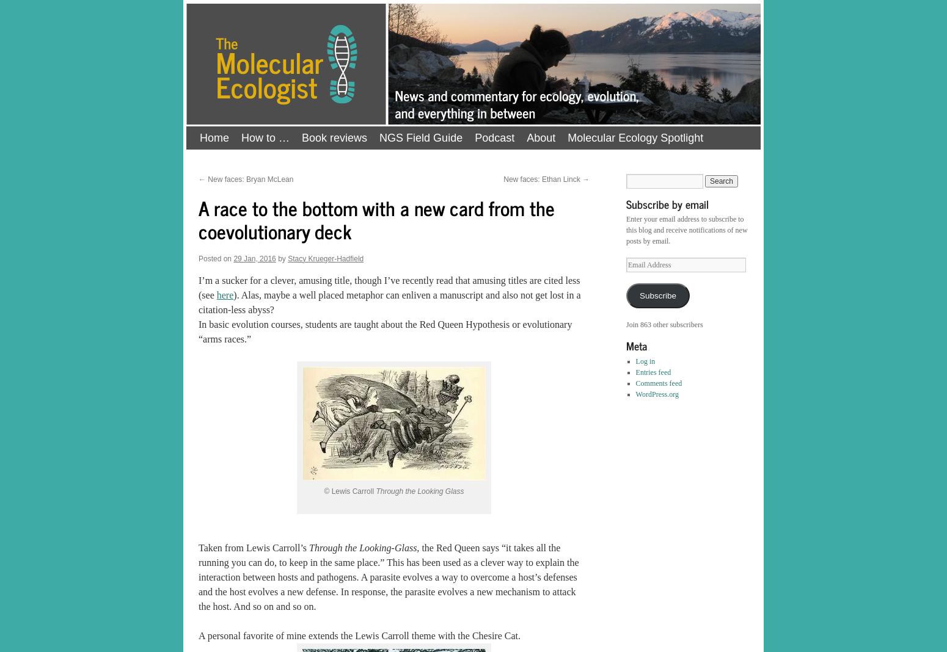 This screenshot has height=652, width=947. Describe the element at coordinates (686, 230) in the screenshot. I see `'Enter your email address to subscribe to this blog and receive notifications of new posts by email.'` at that location.